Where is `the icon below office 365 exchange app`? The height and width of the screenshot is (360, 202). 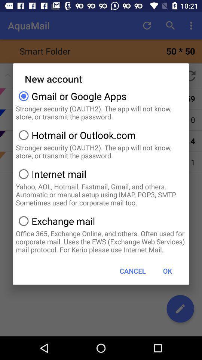
the icon below office 365 exchange app is located at coordinates (167, 270).